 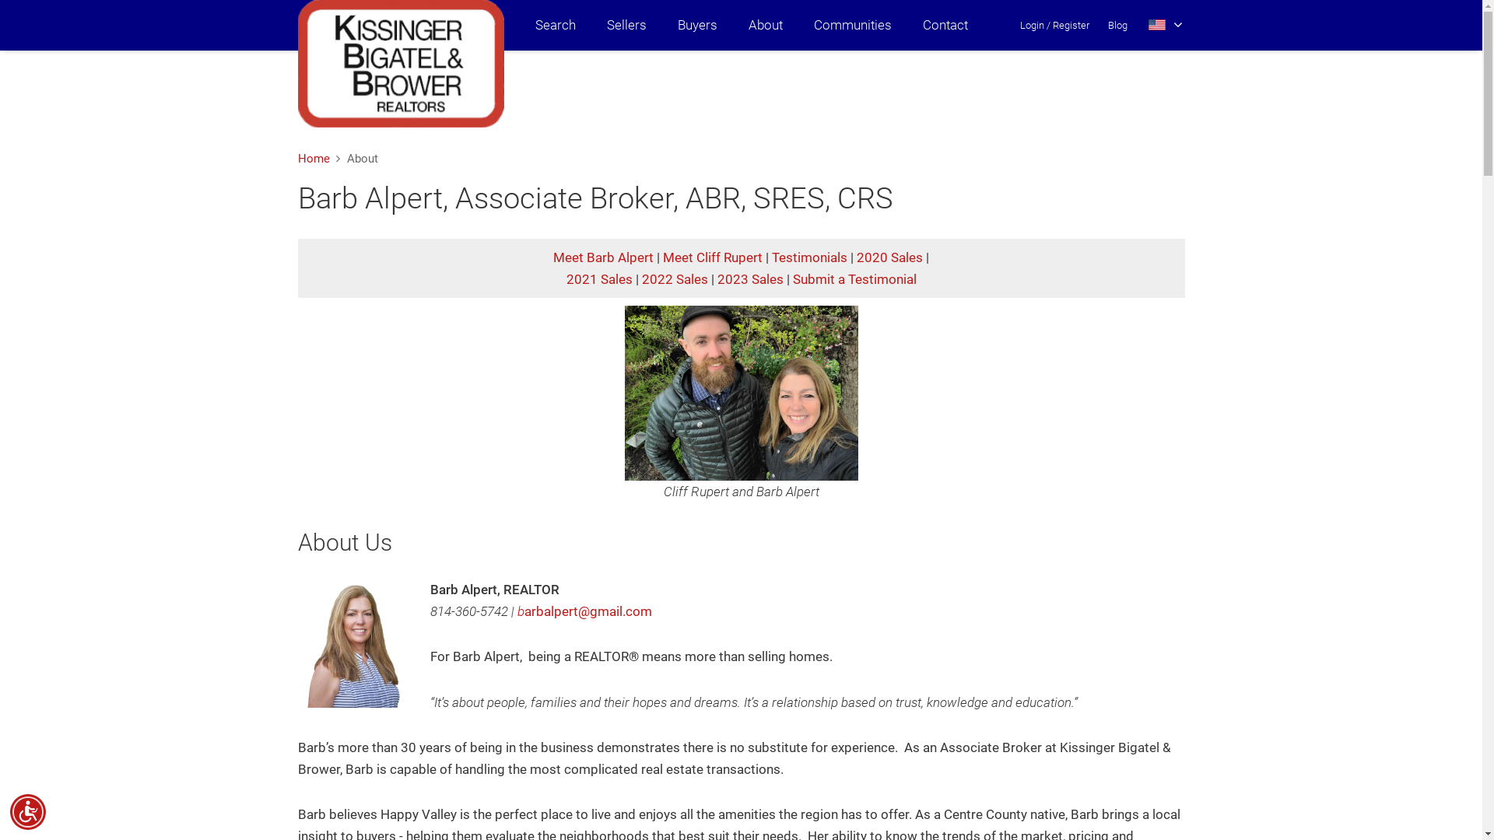 I want to click on '2021 Sales', so click(x=598, y=278).